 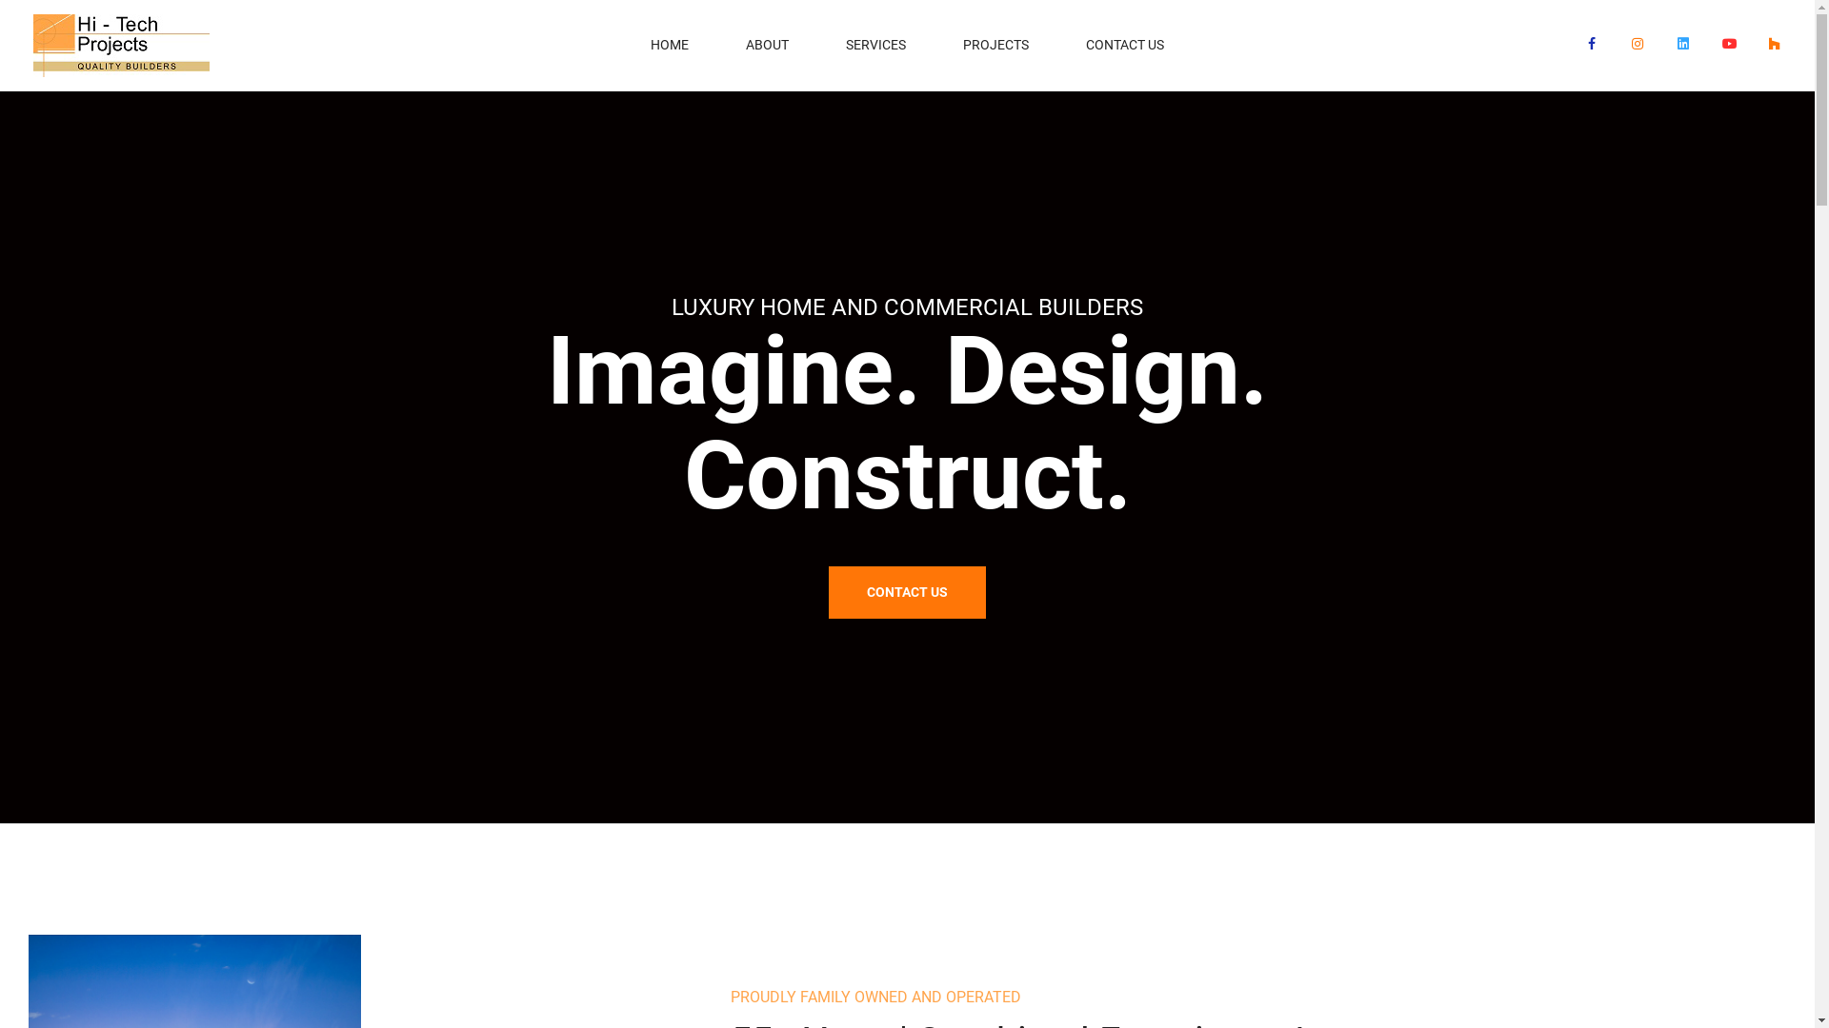 What do you see at coordinates (906, 591) in the screenshot?
I see `'CONTACT US'` at bounding box center [906, 591].